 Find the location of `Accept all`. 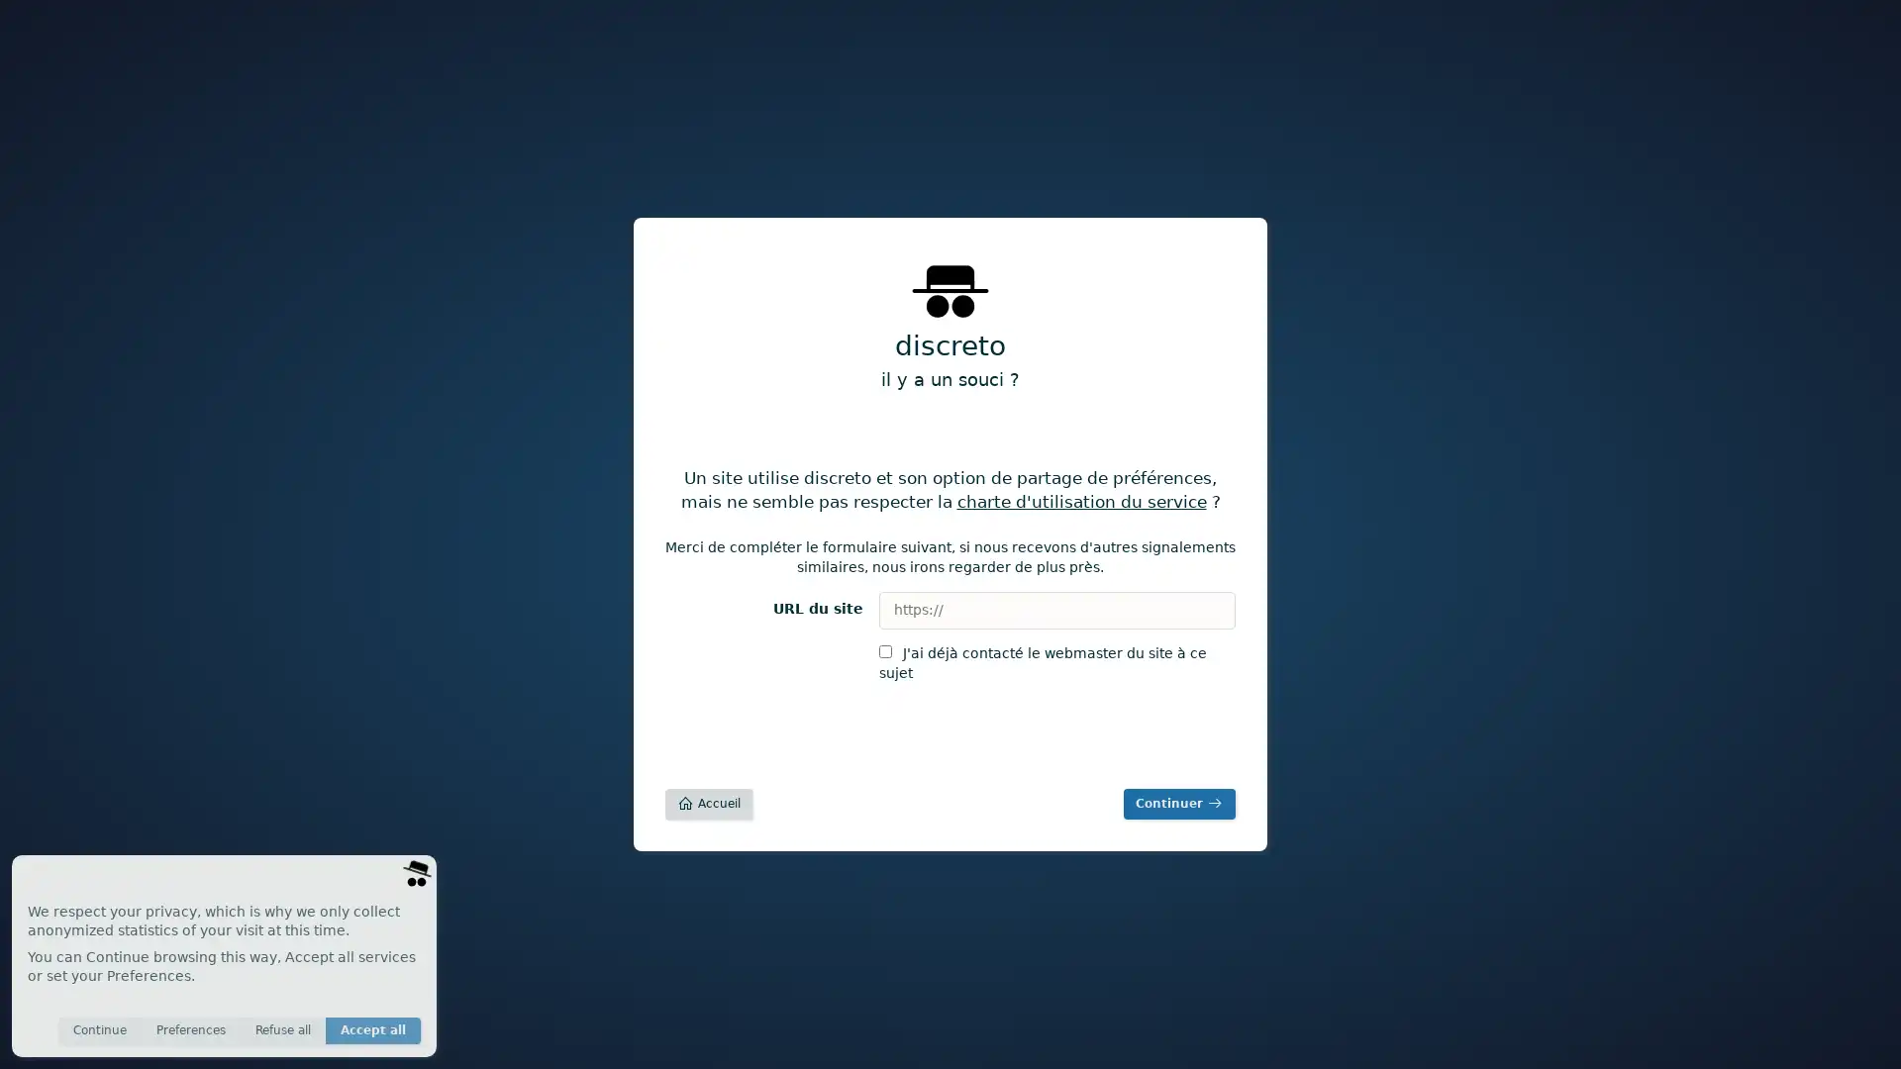

Accept all is located at coordinates (373, 1029).